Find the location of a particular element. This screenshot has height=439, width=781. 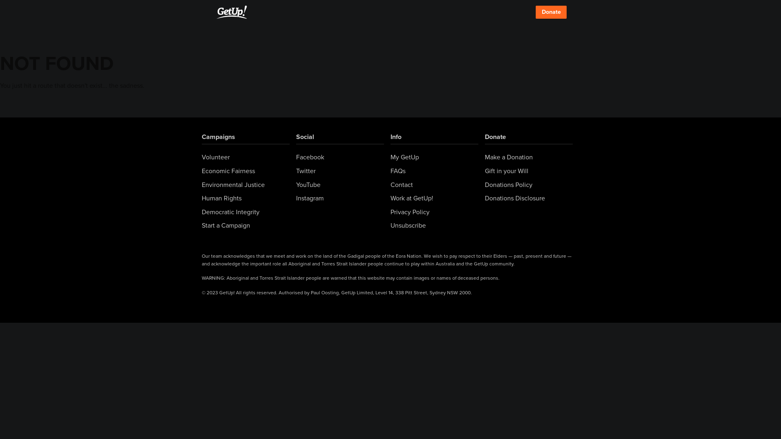

'Donations Policy' is located at coordinates (484, 185).